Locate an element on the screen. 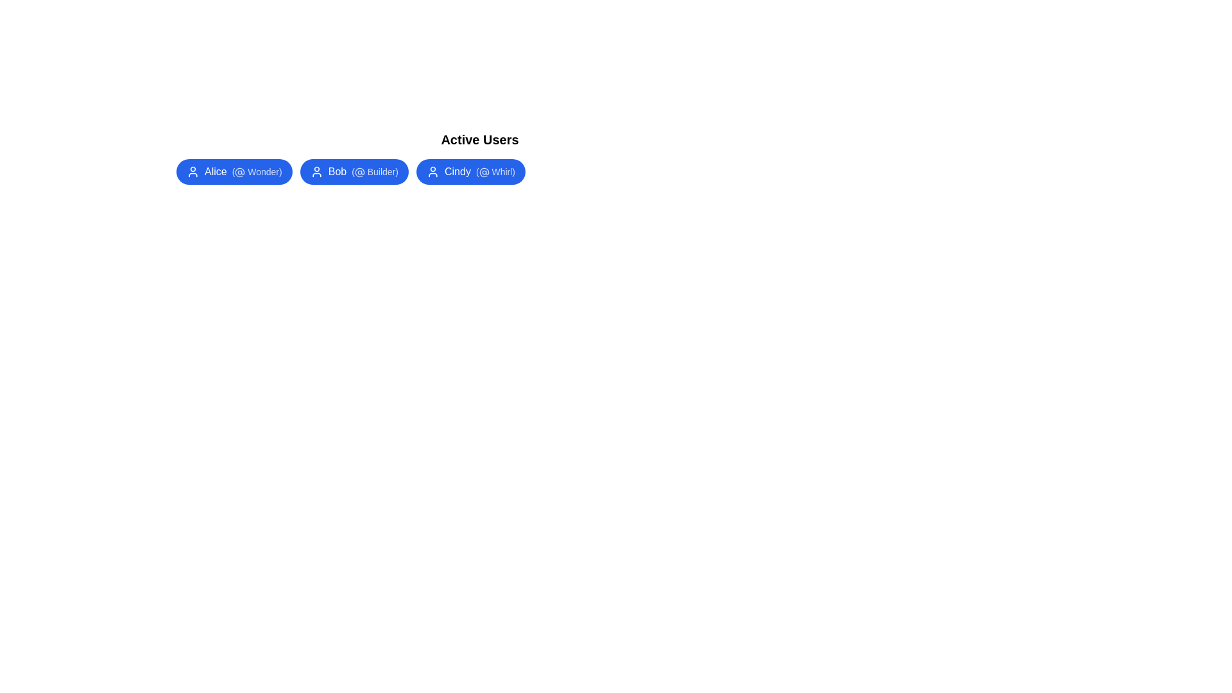 The width and height of the screenshot is (1232, 693). icon inside the user chip for Cindy is located at coordinates (433, 171).